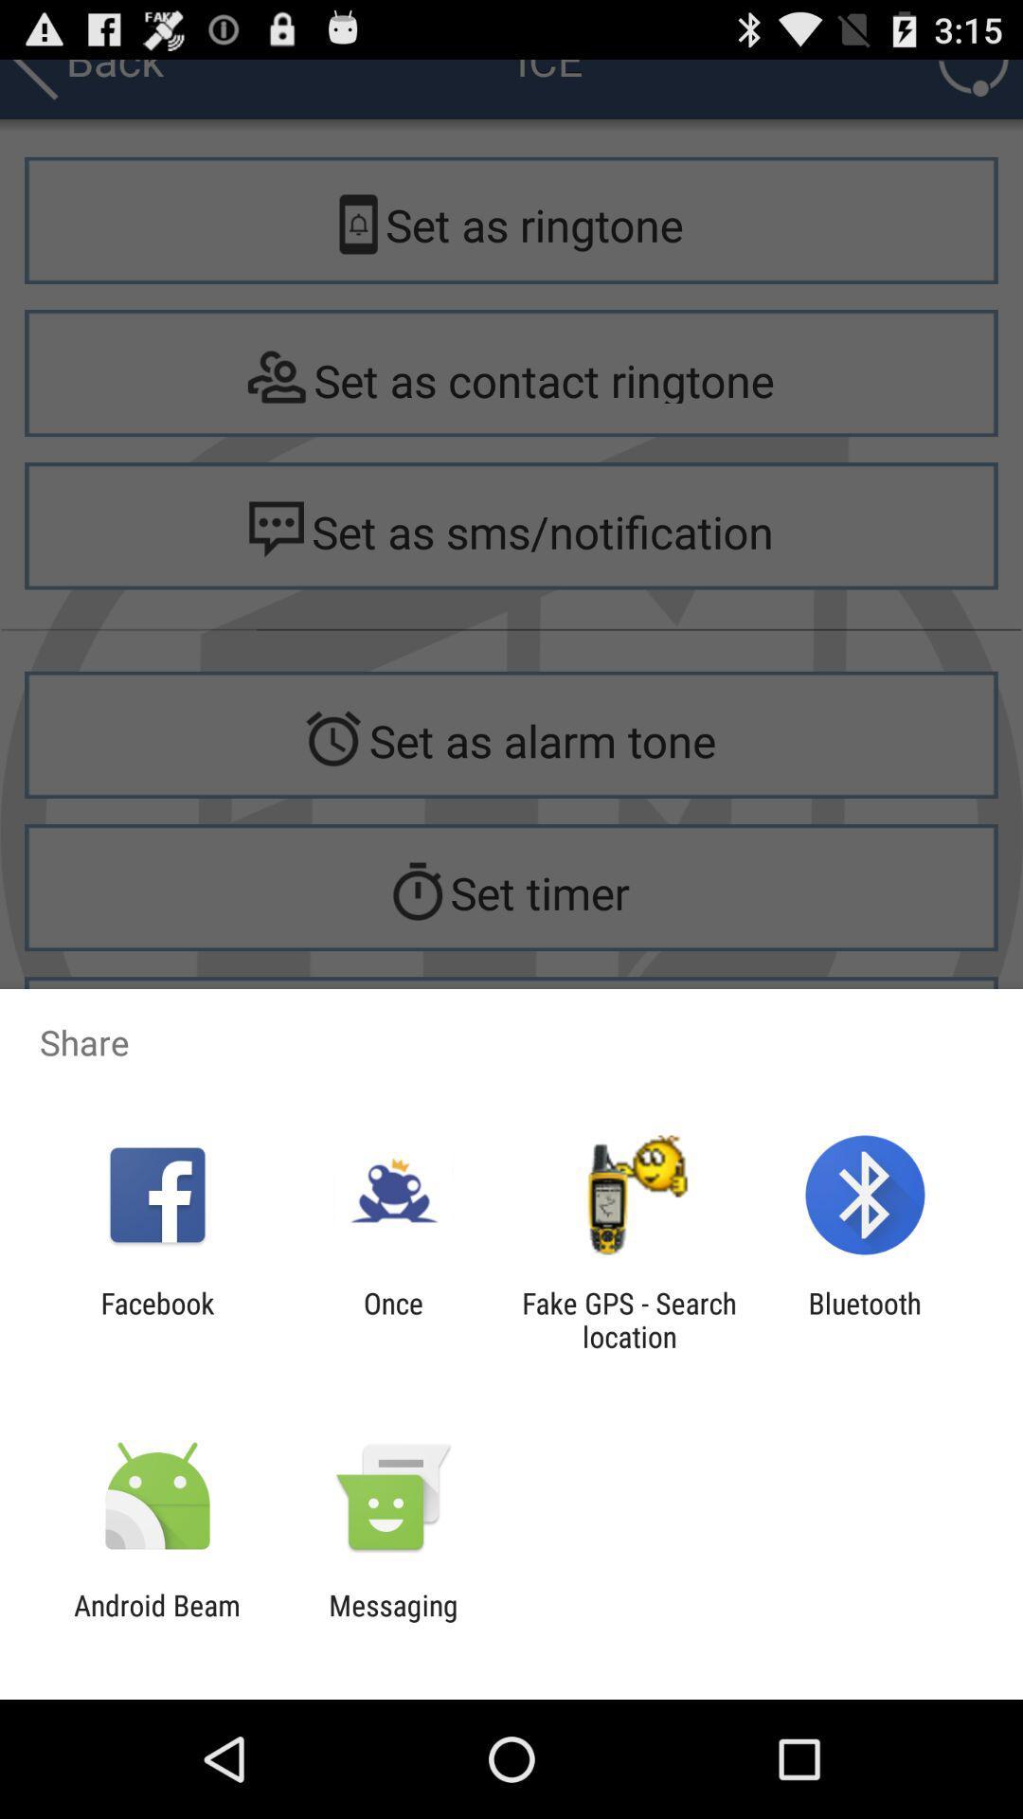  I want to click on icon next to android beam icon, so click(392, 1621).